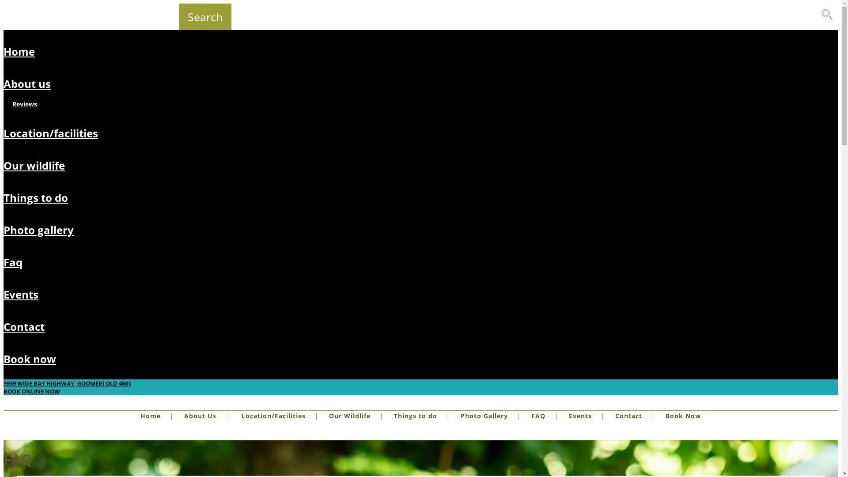 The height and width of the screenshot is (477, 848). What do you see at coordinates (34, 165) in the screenshot?
I see `'our wildlife'` at bounding box center [34, 165].